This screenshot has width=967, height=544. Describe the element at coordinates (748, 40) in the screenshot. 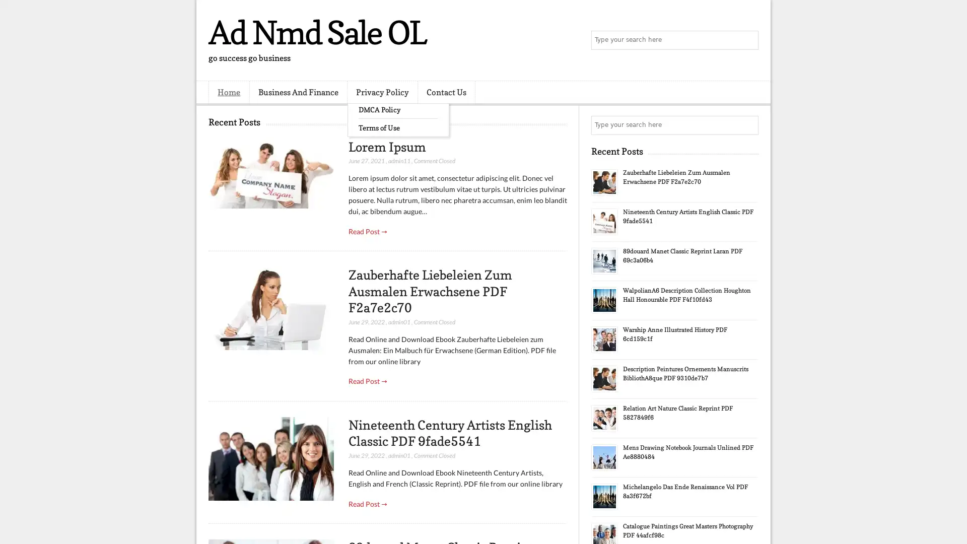

I see `Search` at that location.